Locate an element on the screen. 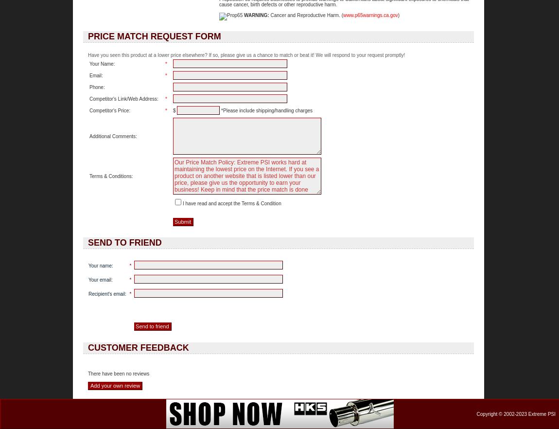  'Phone:' is located at coordinates (96, 86).